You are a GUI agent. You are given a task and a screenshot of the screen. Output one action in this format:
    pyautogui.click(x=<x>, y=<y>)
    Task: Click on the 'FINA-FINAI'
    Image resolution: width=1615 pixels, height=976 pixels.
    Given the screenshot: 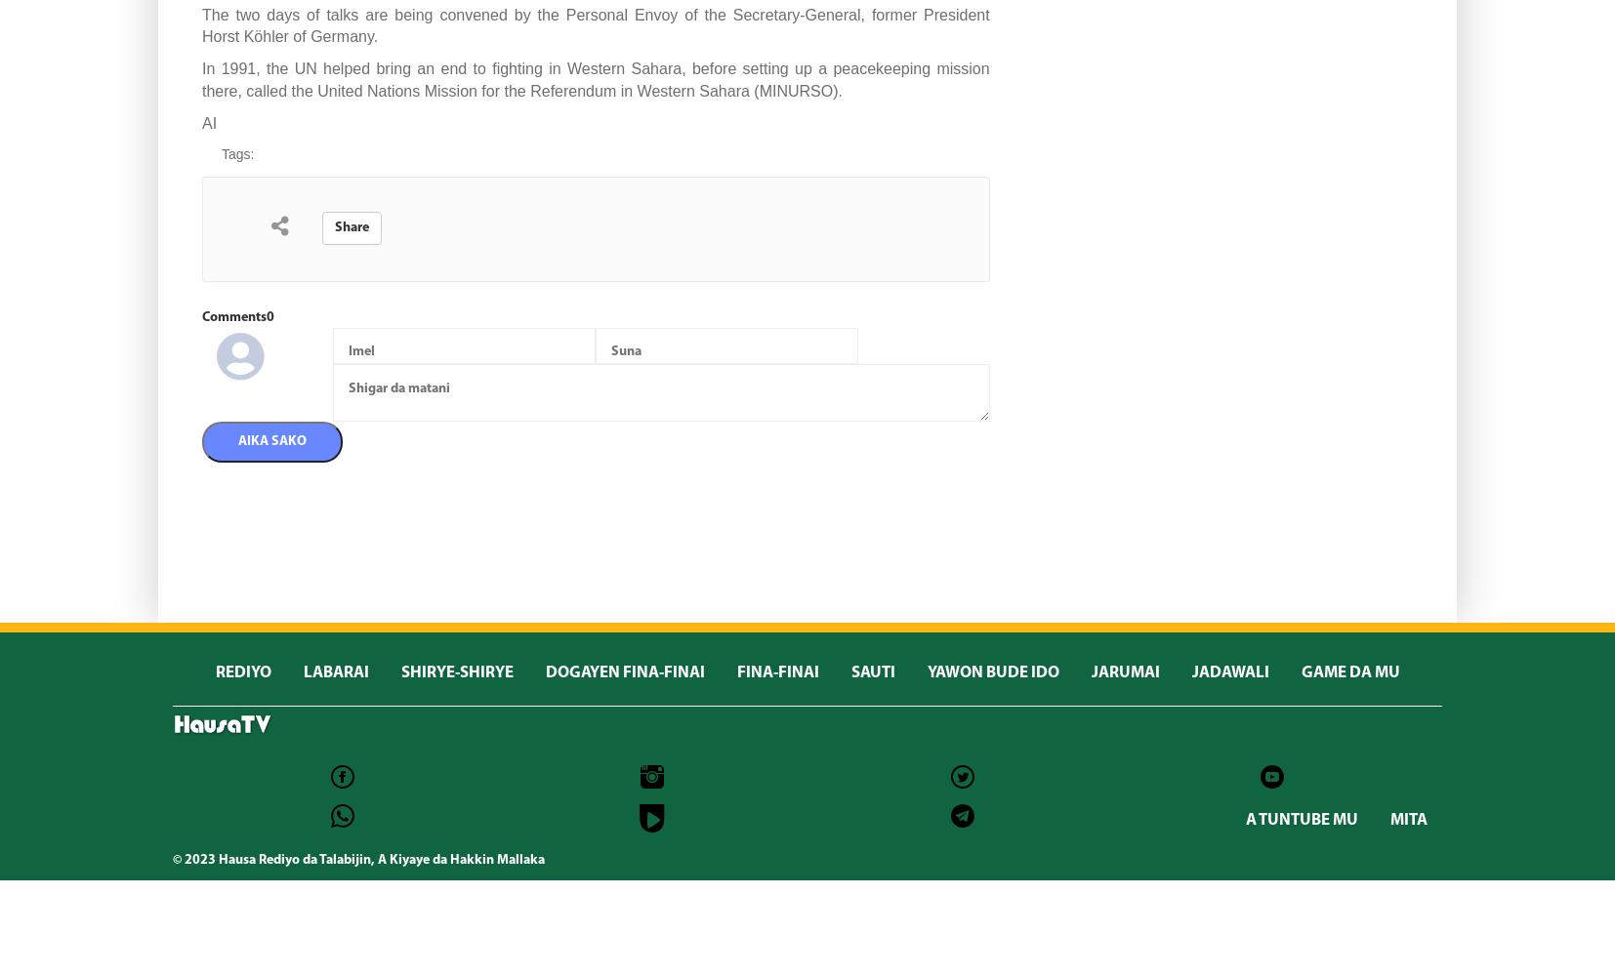 What is the action you would take?
    pyautogui.click(x=736, y=671)
    